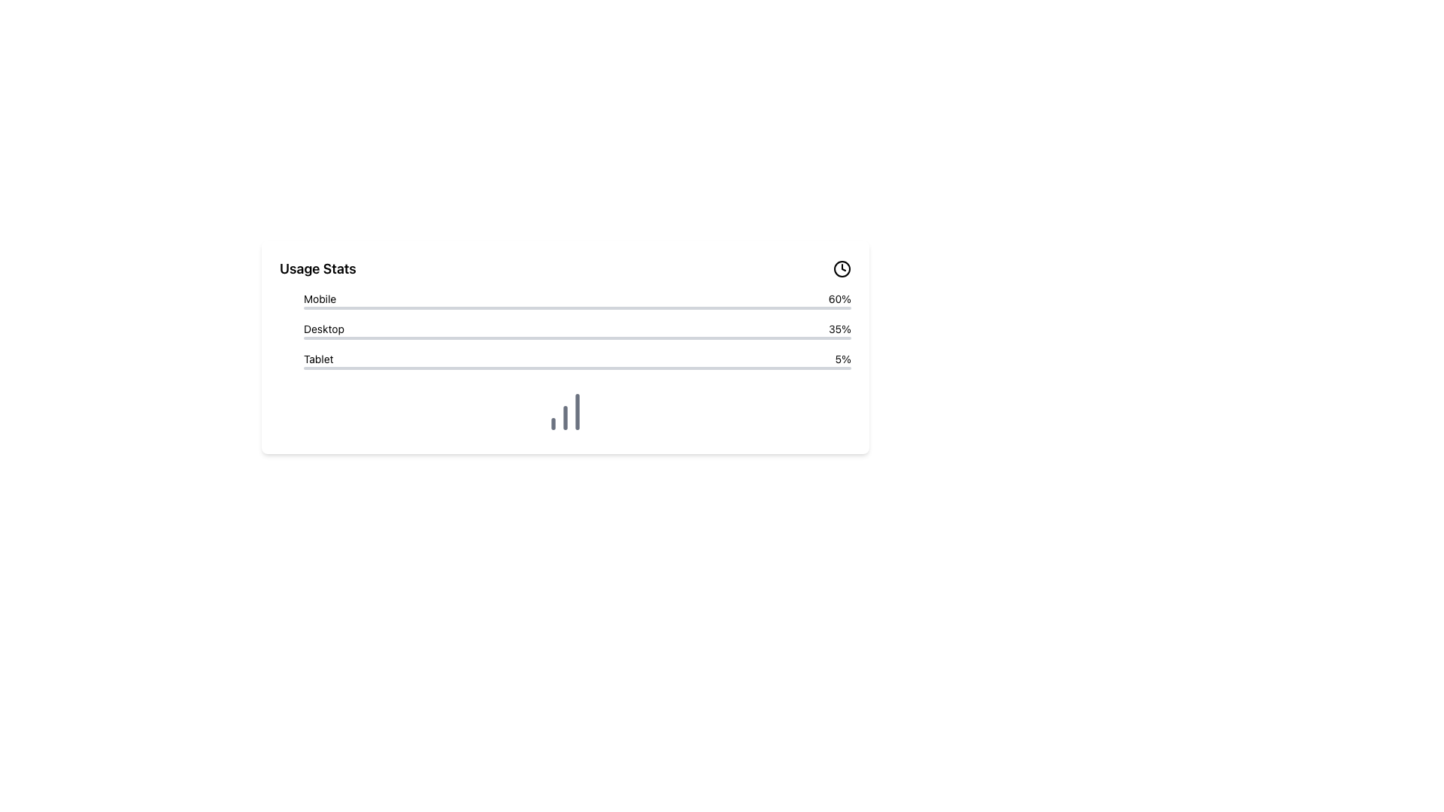 This screenshot has height=812, width=1444. What do you see at coordinates (577, 301) in the screenshot?
I see `the progress bar labeled 'Mobile' that displays '60%'` at bounding box center [577, 301].